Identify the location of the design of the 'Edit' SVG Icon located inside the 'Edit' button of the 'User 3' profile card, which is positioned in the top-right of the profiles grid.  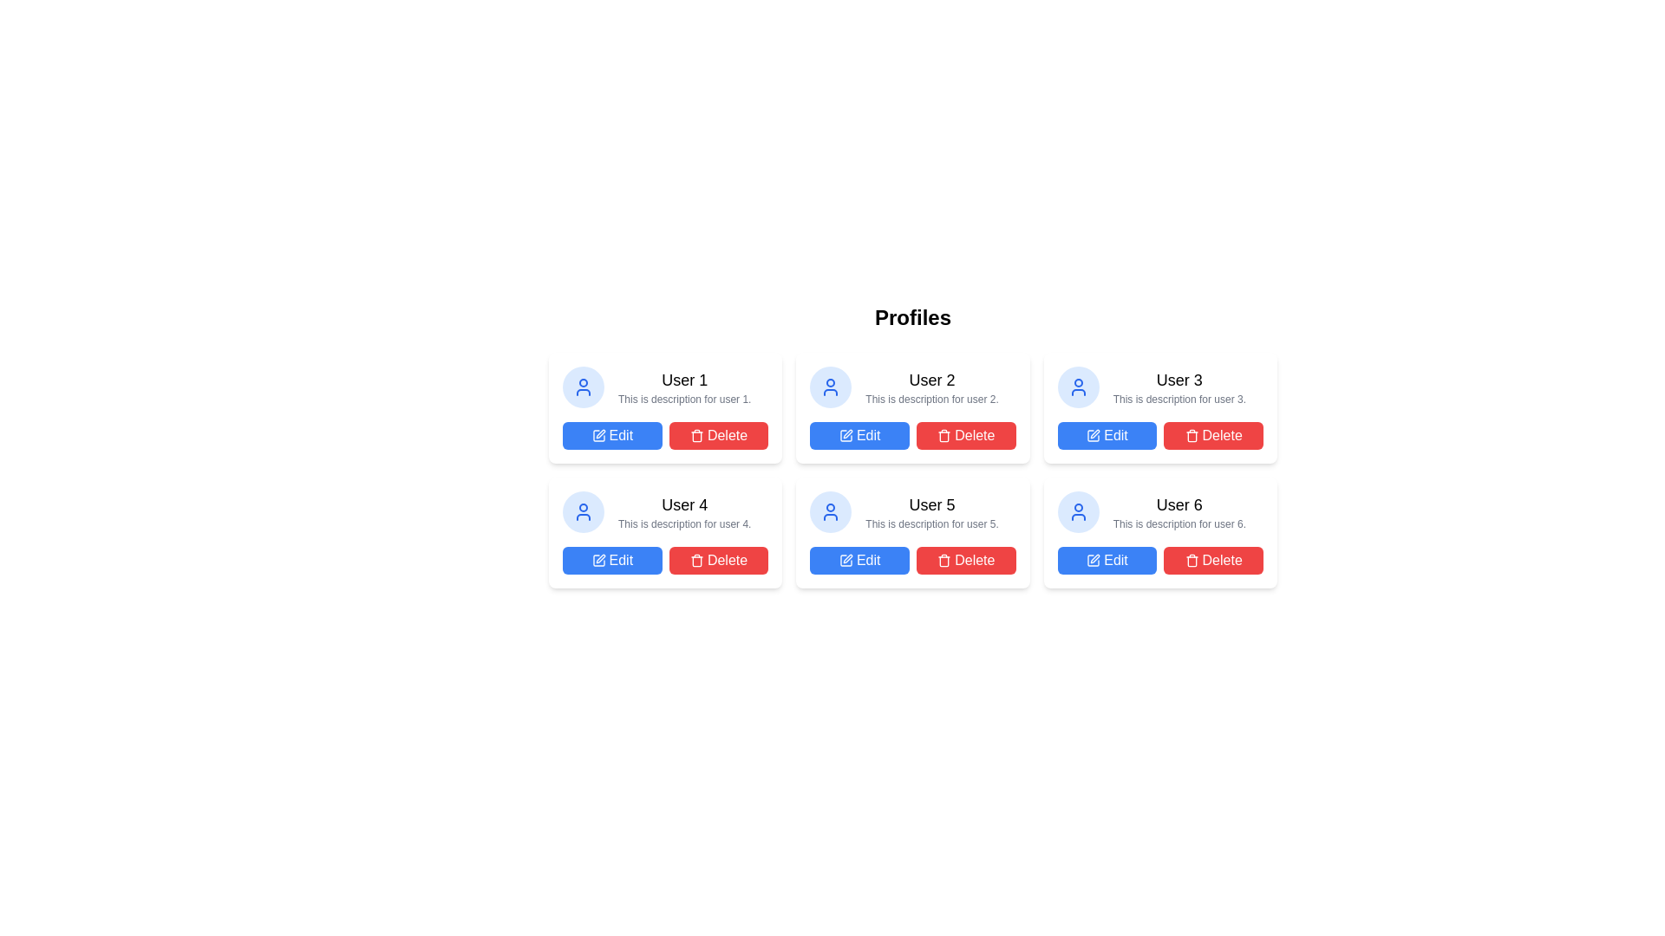
(1093, 434).